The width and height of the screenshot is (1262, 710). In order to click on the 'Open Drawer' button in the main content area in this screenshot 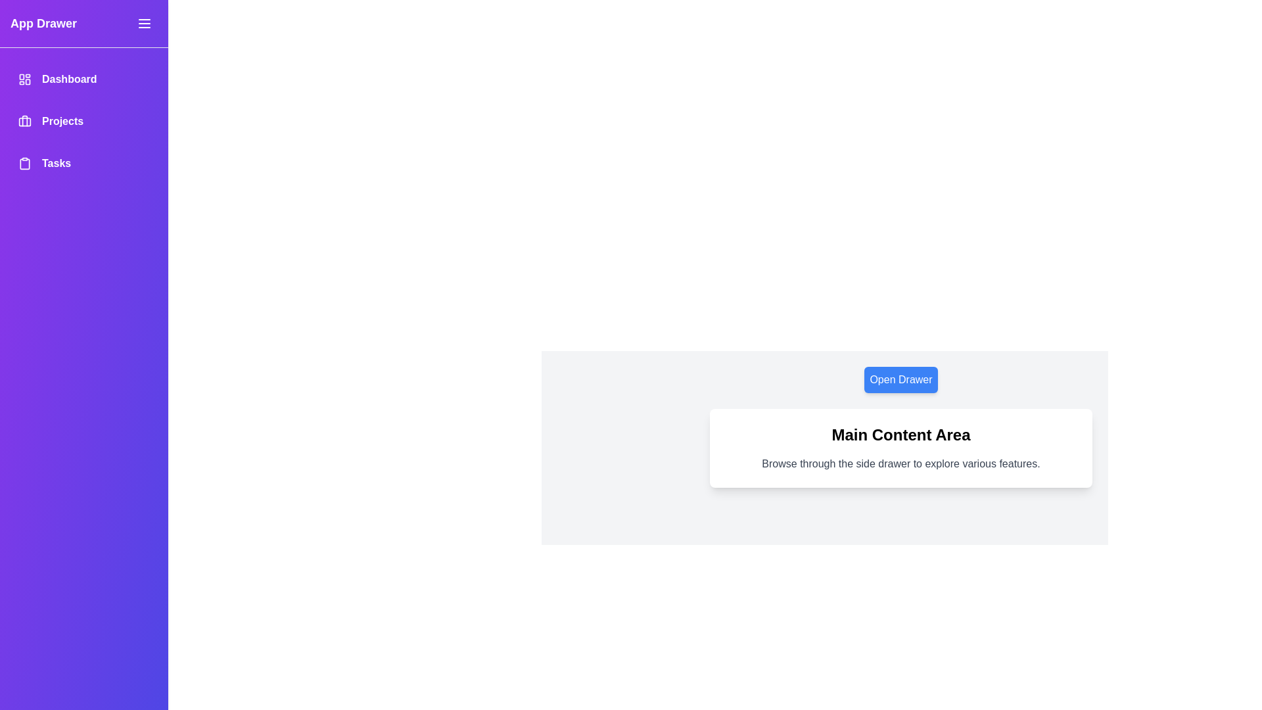, I will do `click(900, 380)`.